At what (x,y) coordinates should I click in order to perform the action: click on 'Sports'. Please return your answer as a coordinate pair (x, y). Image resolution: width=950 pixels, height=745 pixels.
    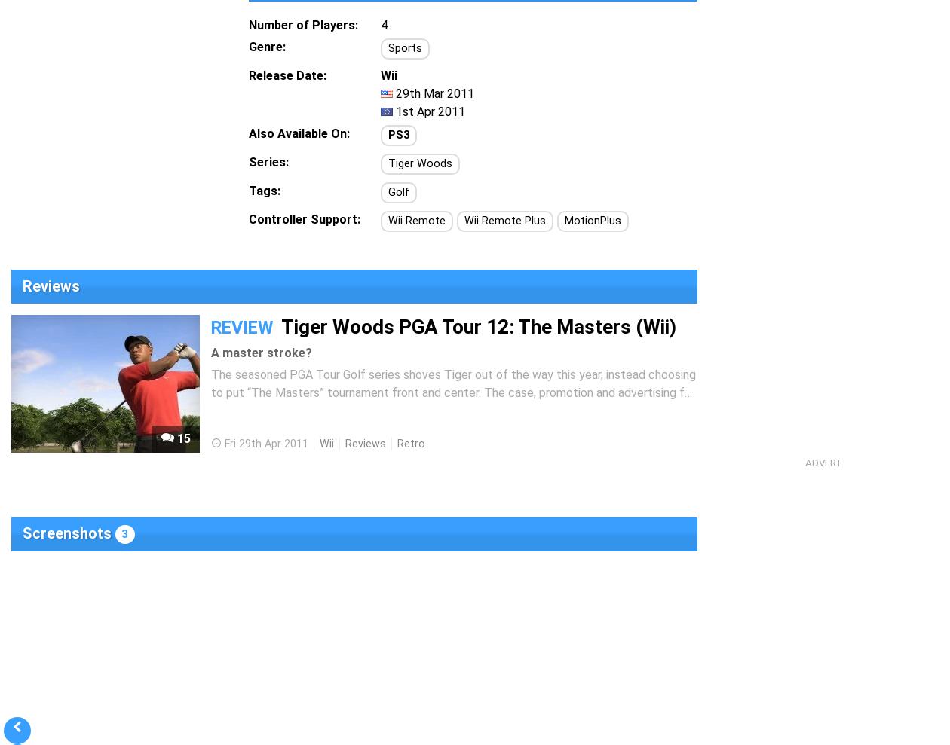
    Looking at the image, I should click on (405, 48).